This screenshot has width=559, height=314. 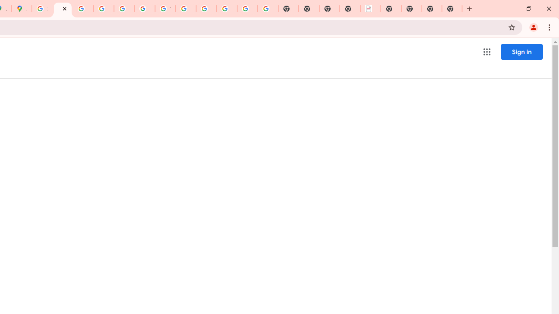 What do you see at coordinates (452, 9) in the screenshot?
I see `'New Tab'` at bounding box center [452, 9].